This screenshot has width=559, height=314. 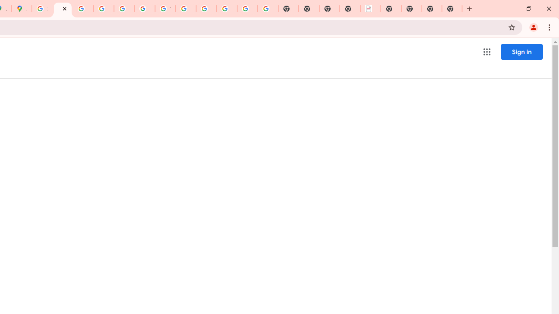 What do you see at coordinates (452, 9) in the screenshot?
I see `'New Tab'` at bounding box center [452, 9].